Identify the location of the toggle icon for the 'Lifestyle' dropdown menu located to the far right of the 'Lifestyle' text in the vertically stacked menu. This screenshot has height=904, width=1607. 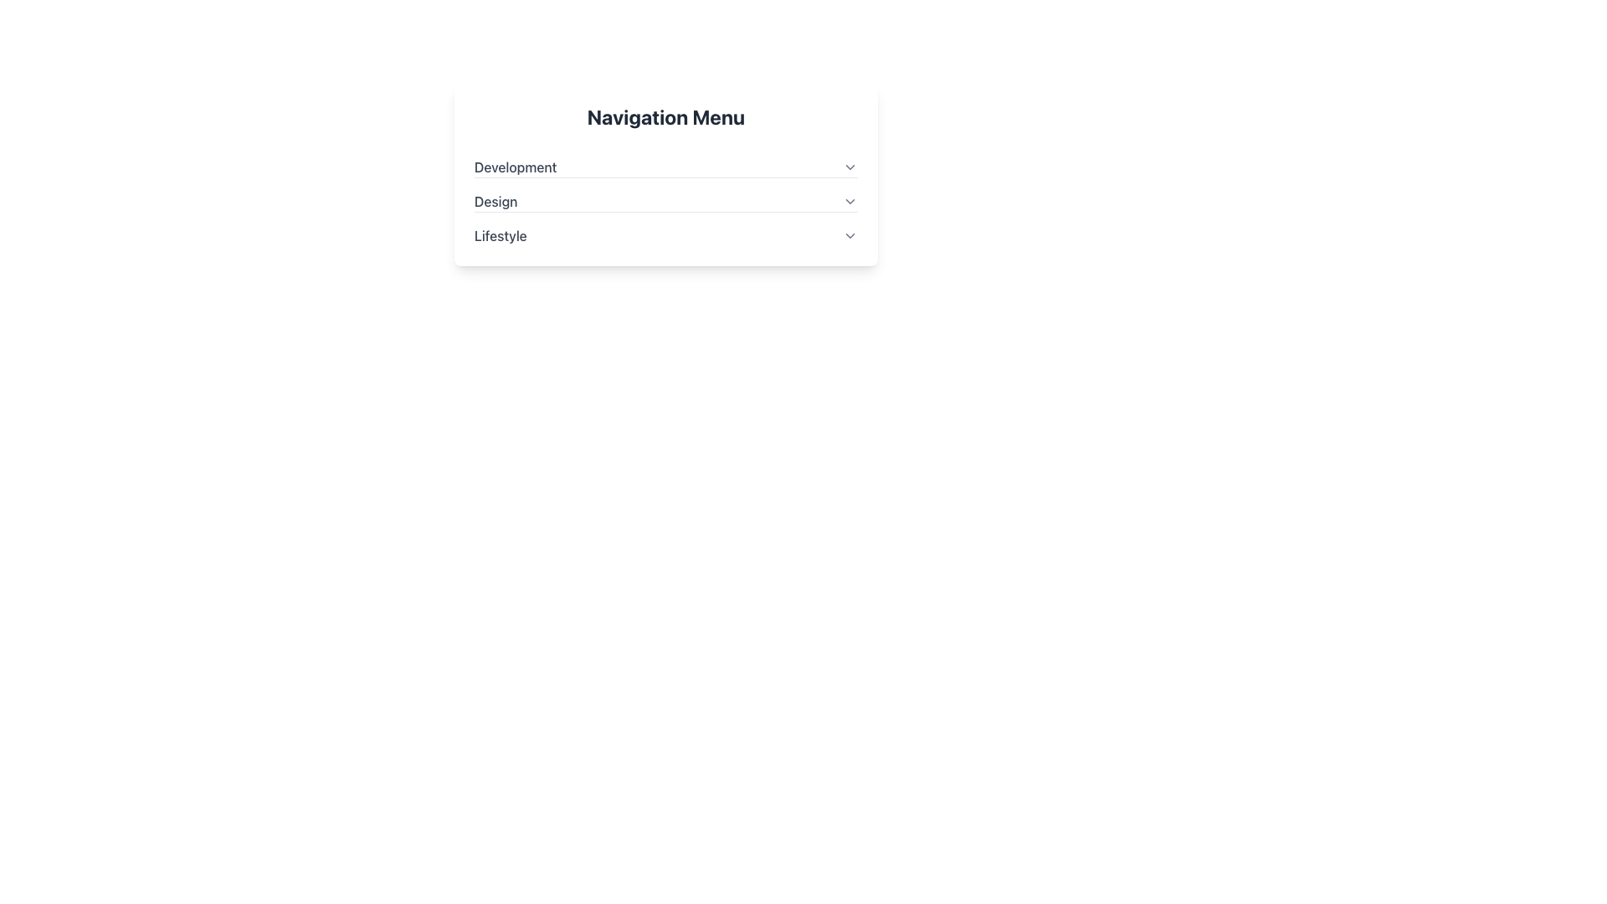
(850, 235).